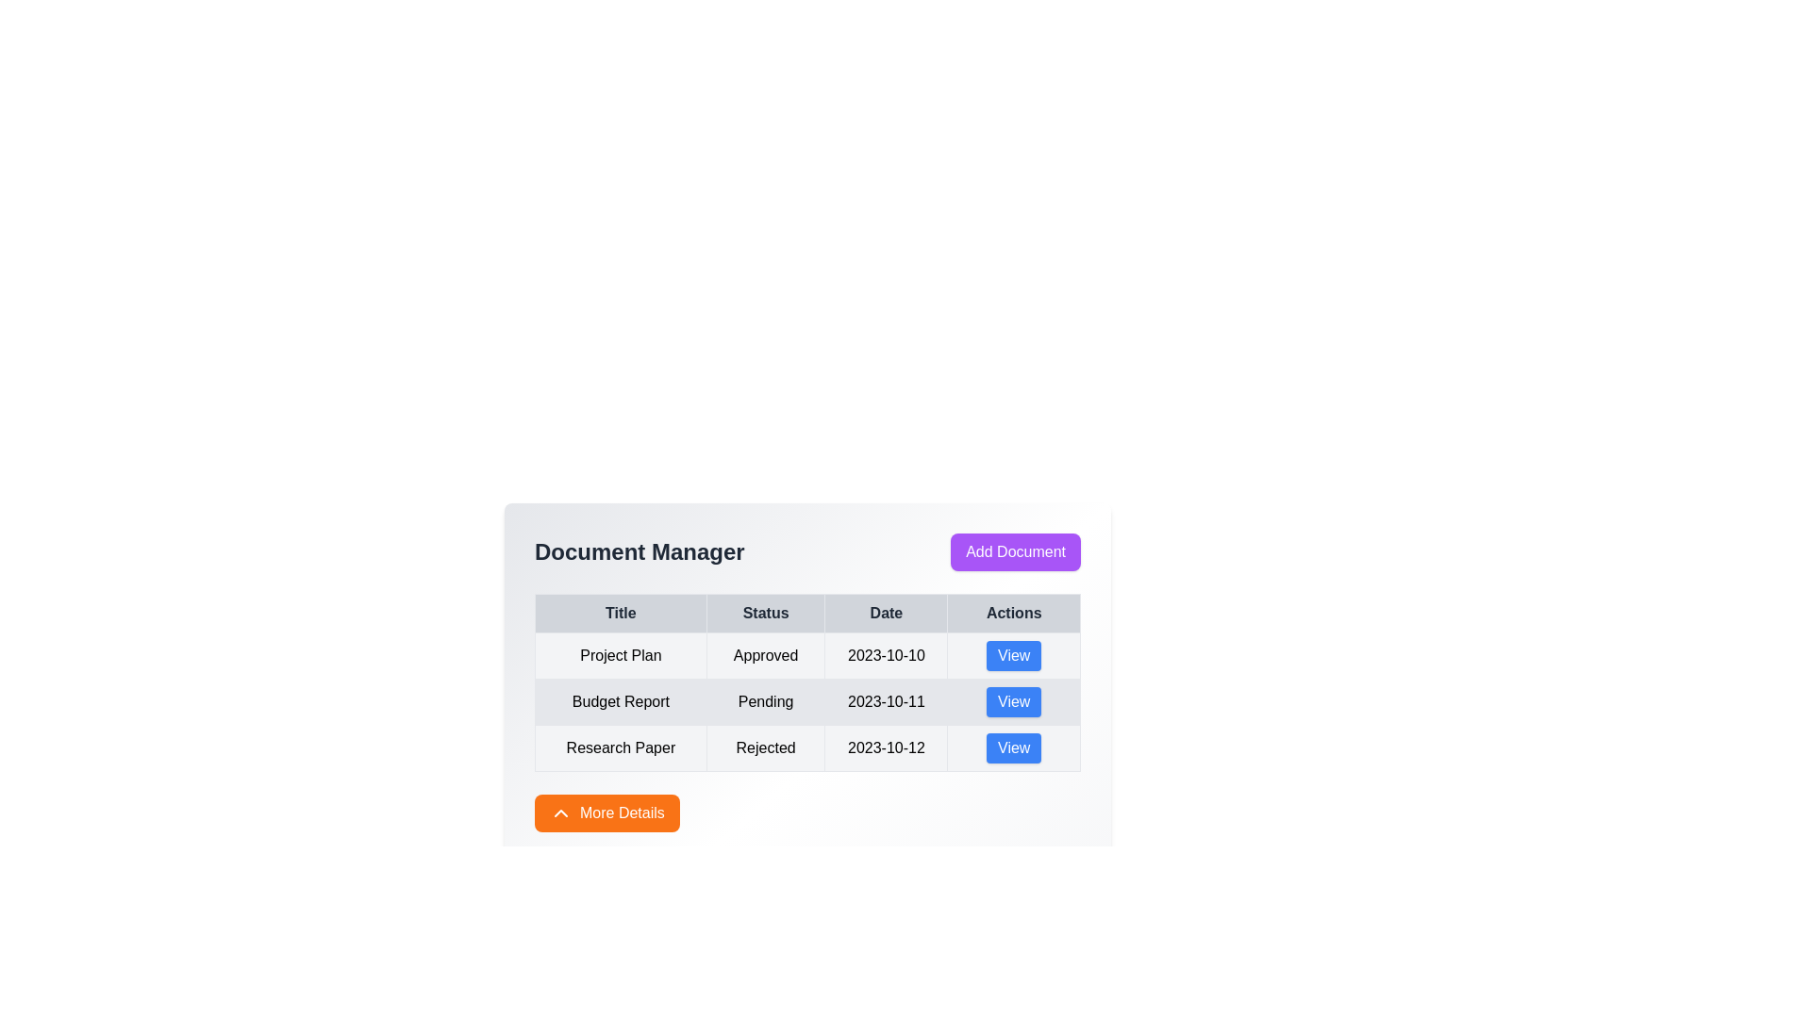 The width and height of the screenshot is (1811, 1018). What do you see at coordinates (885, 701) in the screenshot?
I see `the static text element displaying the date information for the 'Budget Report' entry in the table` at bounding box center [885, 701].